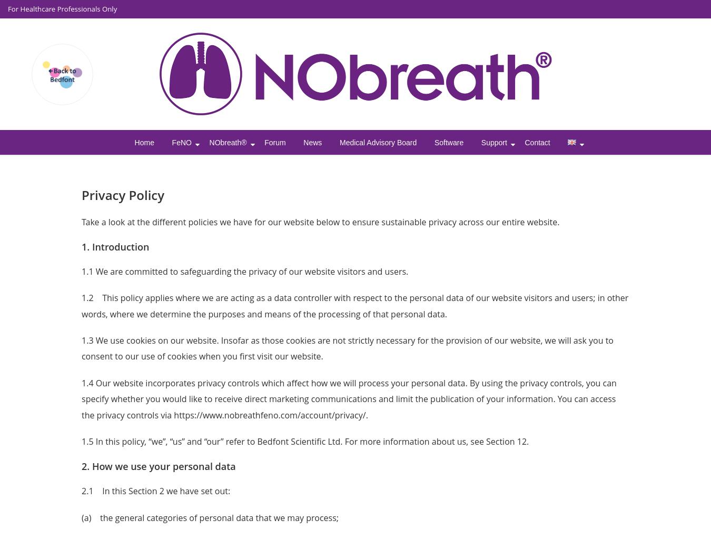  What do you see at coordinates (143, 142) in the screenshot?
I see `'Home'` at bounding box center [143, 142].